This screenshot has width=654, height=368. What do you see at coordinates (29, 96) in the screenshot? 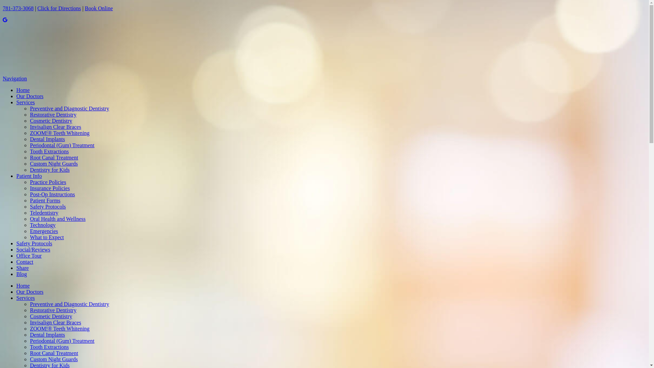
I see `'Our Doctors'` at bounding box center [29, 96].